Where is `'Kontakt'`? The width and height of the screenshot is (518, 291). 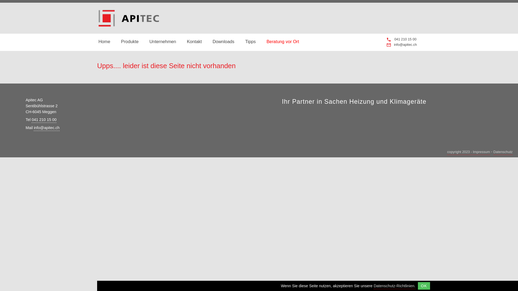 'Kontakt' is located at coordinates (194, 41).